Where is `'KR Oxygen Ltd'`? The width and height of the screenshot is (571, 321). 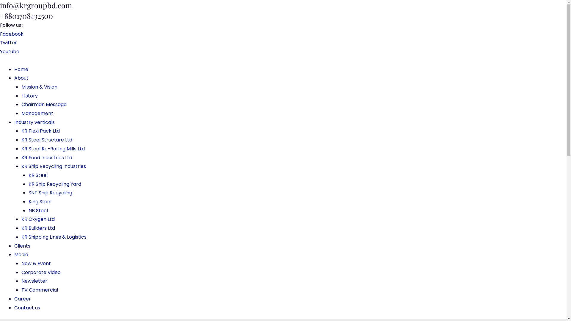
'KR Oxygen Ltd' is located at coordinates (38, 219).